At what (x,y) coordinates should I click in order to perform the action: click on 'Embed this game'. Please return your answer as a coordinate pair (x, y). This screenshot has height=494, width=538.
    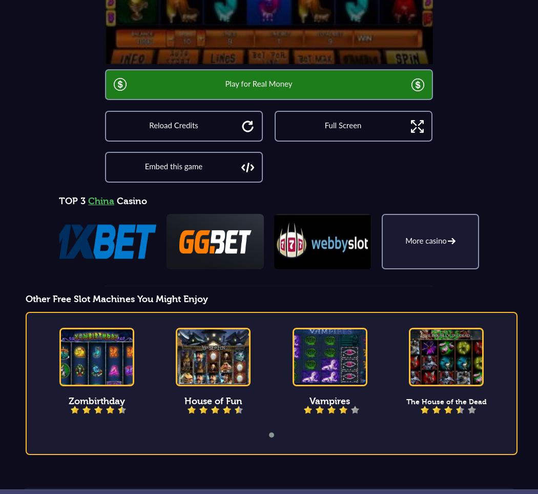
    Looking at the image, I should click on (173, 167).